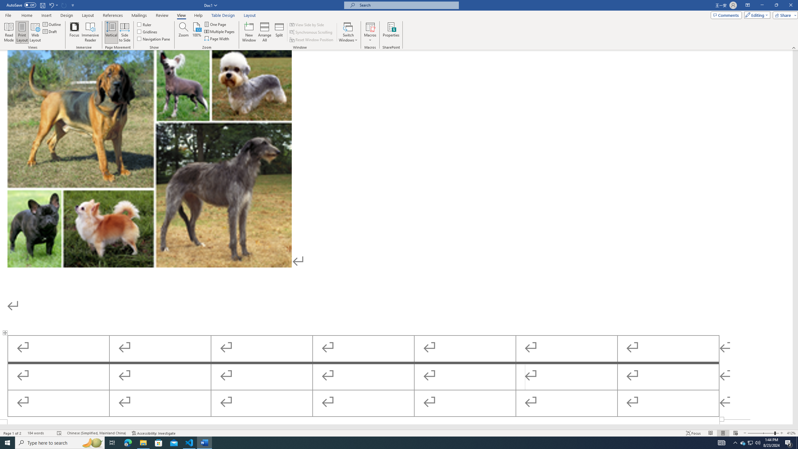 This screenshot has width=798, height=449. I want to click on 'Can', so click(64, 5).